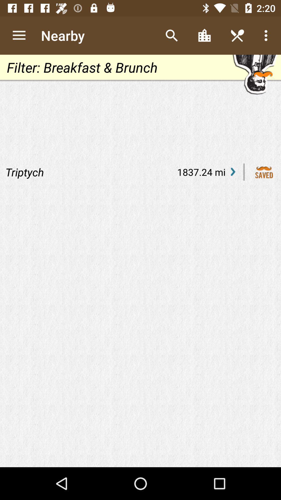  I want to click on the icon adjacent to more icon at top, so click(237, 35).